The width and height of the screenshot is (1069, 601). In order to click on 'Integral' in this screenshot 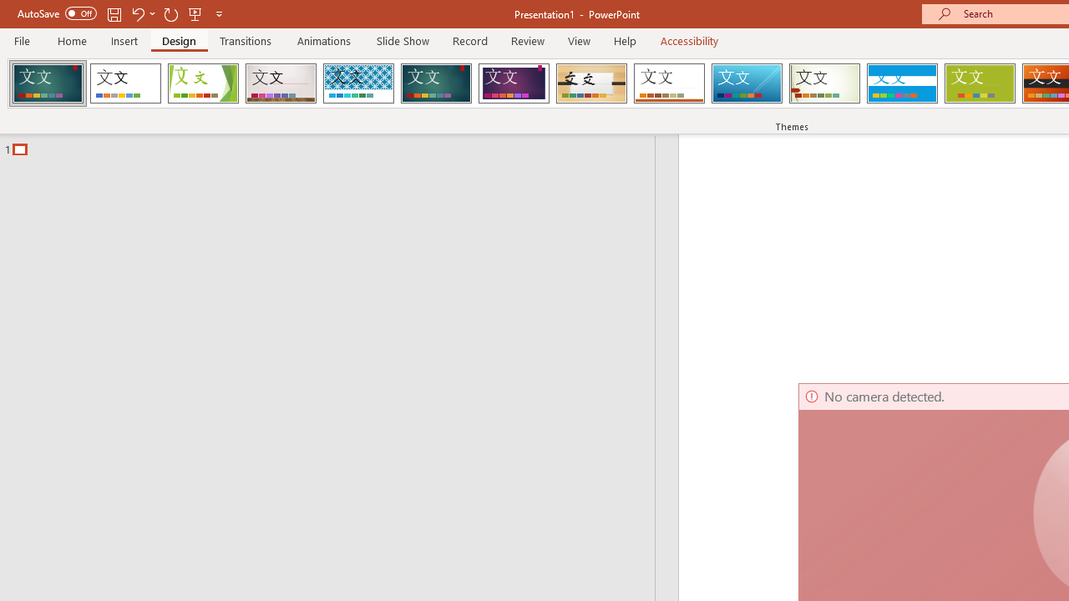, I will do `click(357, 83)`.